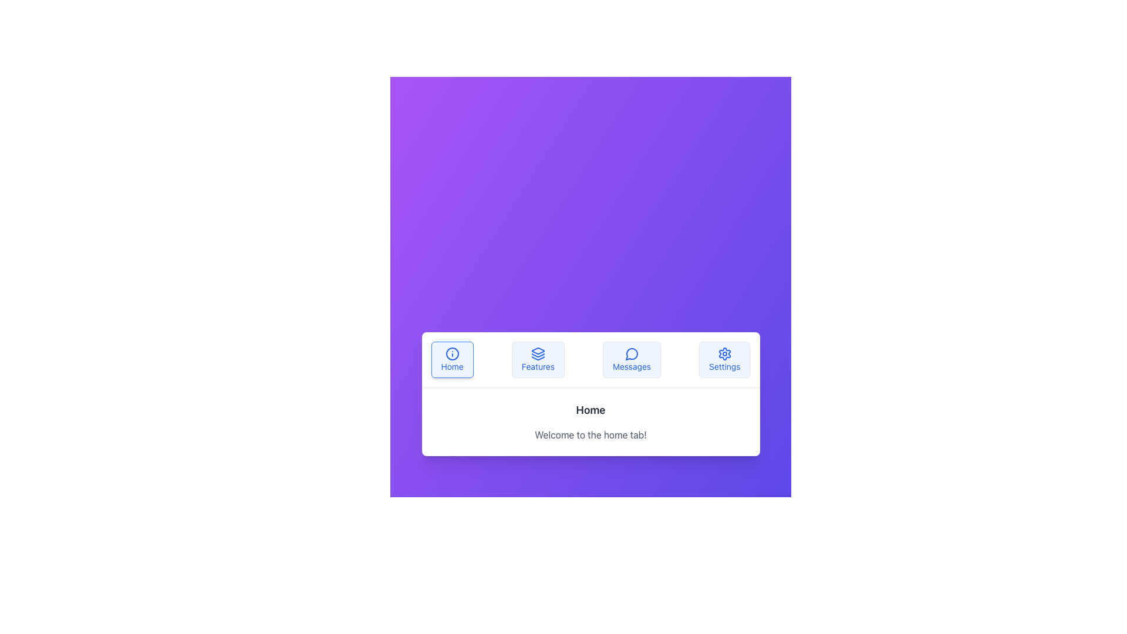 Image resolution: width=1127 pixels, height=634 pixels. I want to click on the circular 'info' icon with a blue stroke and white background located in the 'Home' section of the horizontal navigation menu, so click(451, 353).